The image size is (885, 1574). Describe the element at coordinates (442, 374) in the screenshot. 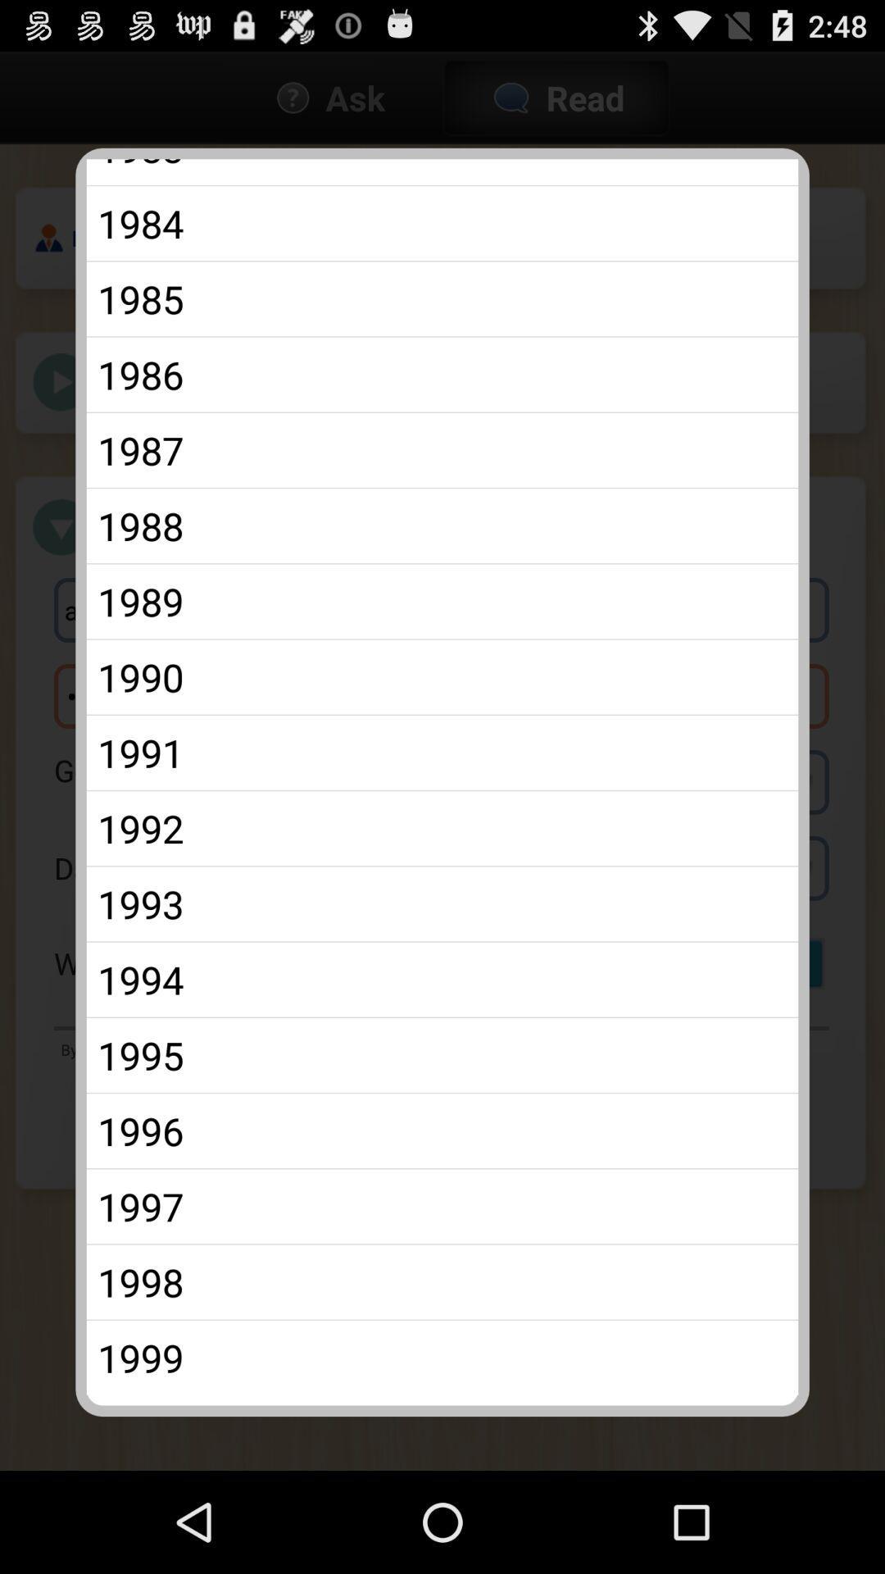

I see `the 1986 item` at that location.